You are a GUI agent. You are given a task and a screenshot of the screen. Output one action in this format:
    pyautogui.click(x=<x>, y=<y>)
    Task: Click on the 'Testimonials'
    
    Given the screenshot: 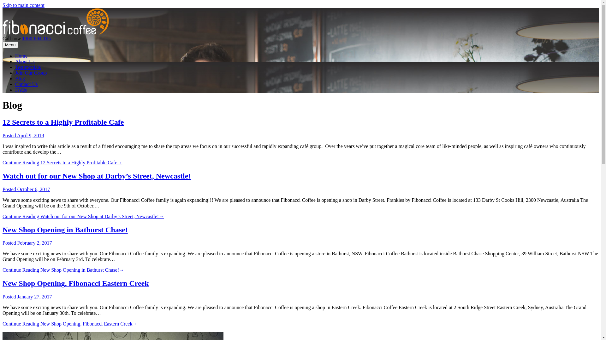 What is the action you would take?
    pyautogui.click(x=28, y=67)
    